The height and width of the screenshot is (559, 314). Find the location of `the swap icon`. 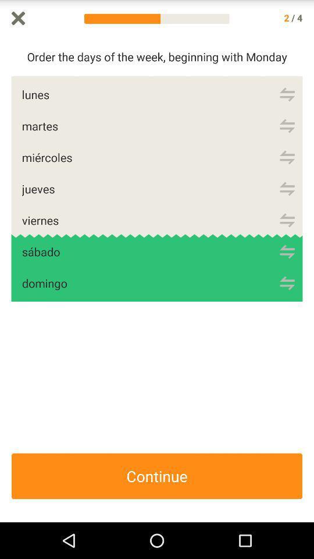

the swap icon is located at coordinates (287, 235).